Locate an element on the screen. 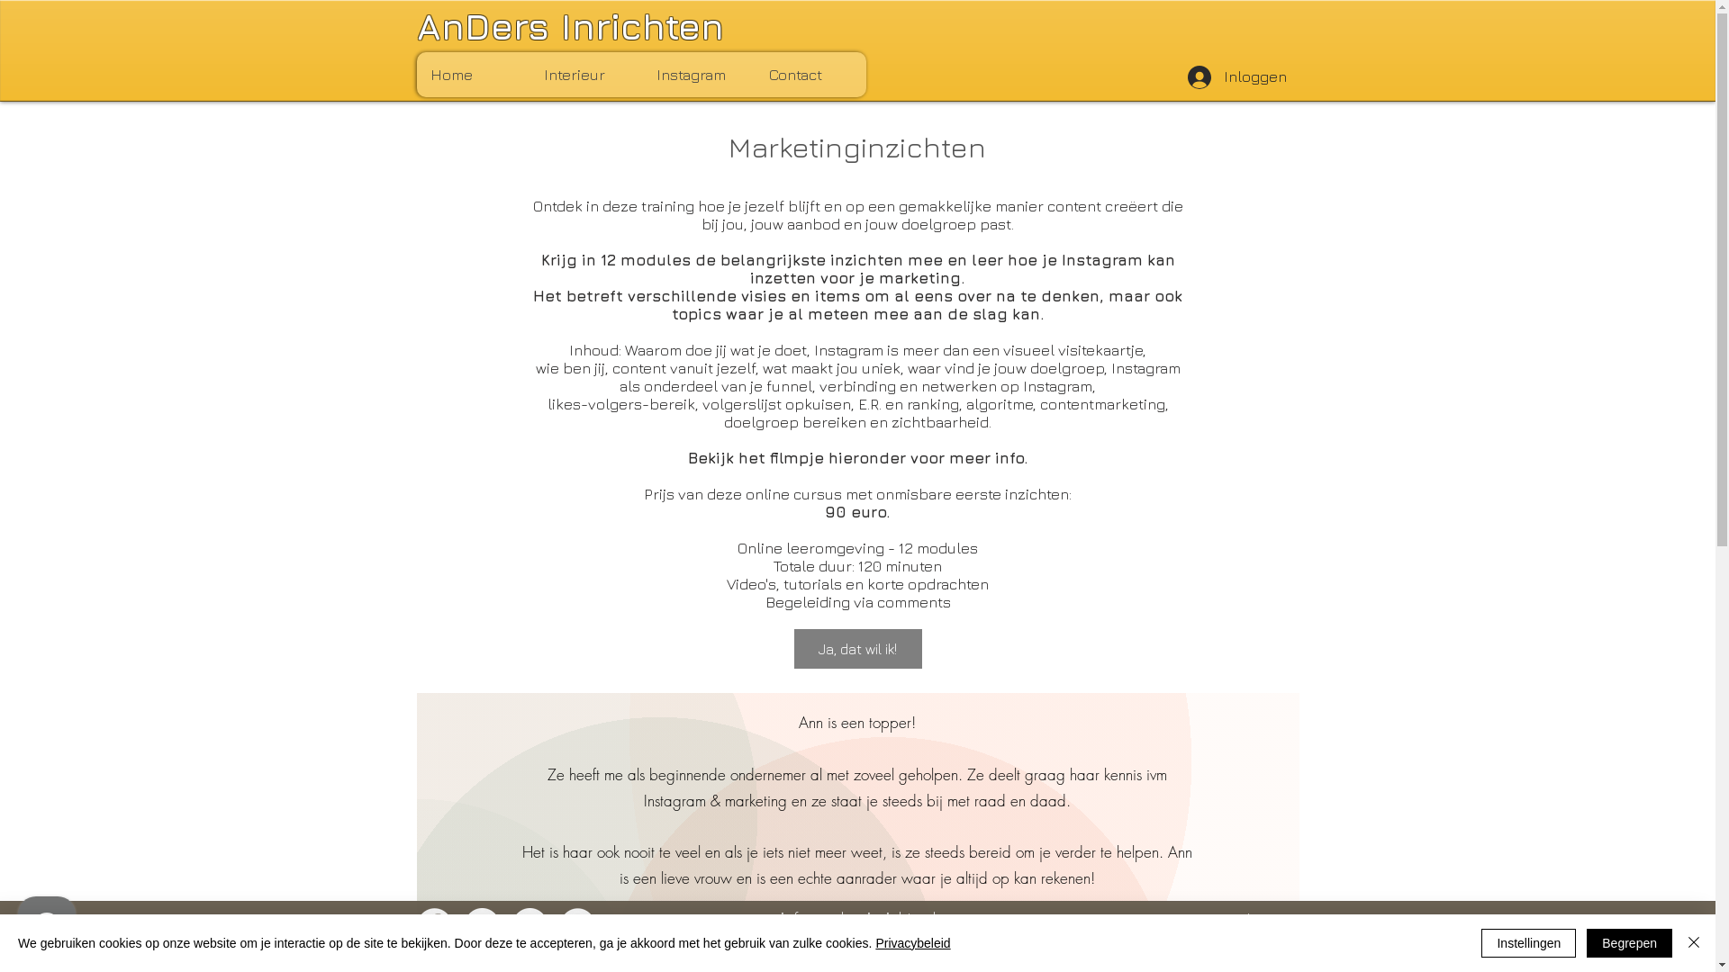 This screenshot has width=1729, height=972. 'Ja, dat wil ik!' is located at coordinates (793, 649).